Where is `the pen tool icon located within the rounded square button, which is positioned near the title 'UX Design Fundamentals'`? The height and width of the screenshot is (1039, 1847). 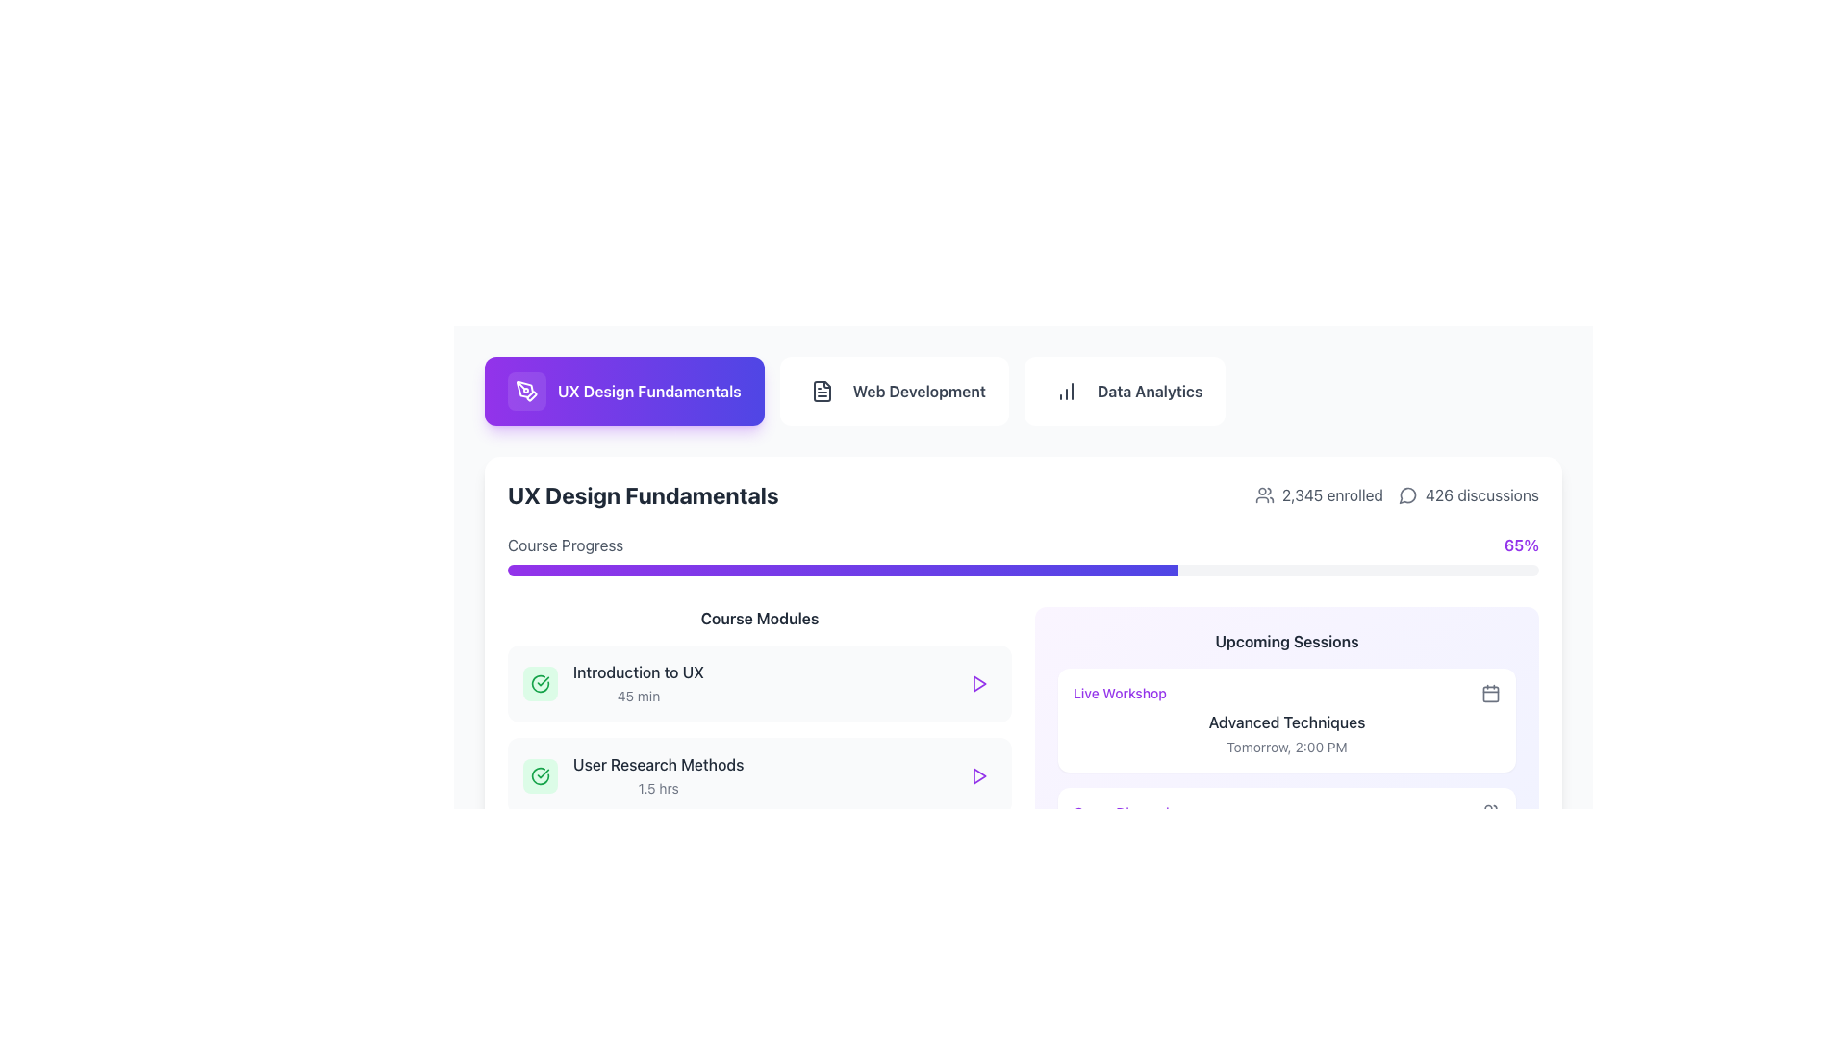
the pen tool icon located within the rounded square button, which is positioned near the title 'UX Design Fundamentals' is located at coordinates (526, 391).